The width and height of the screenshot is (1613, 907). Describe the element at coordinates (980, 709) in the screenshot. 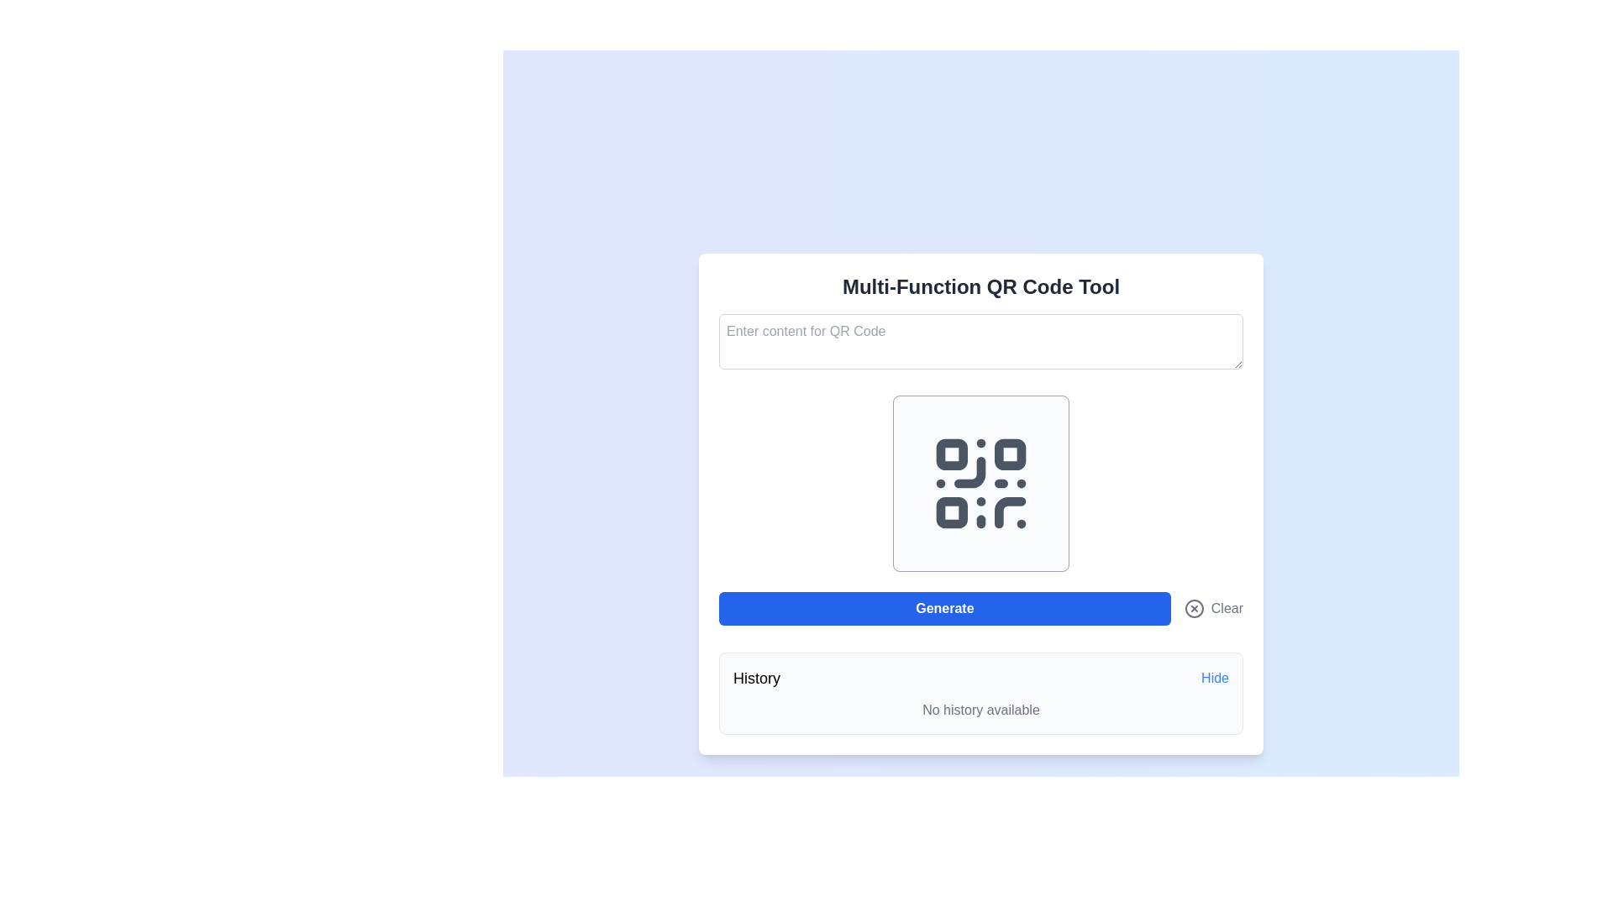

I see `the static text that reads 'No history available.' which is displayed in gray on a light gray background, positioned below the 'History' section and the 'Hide' clickable text` at that location.